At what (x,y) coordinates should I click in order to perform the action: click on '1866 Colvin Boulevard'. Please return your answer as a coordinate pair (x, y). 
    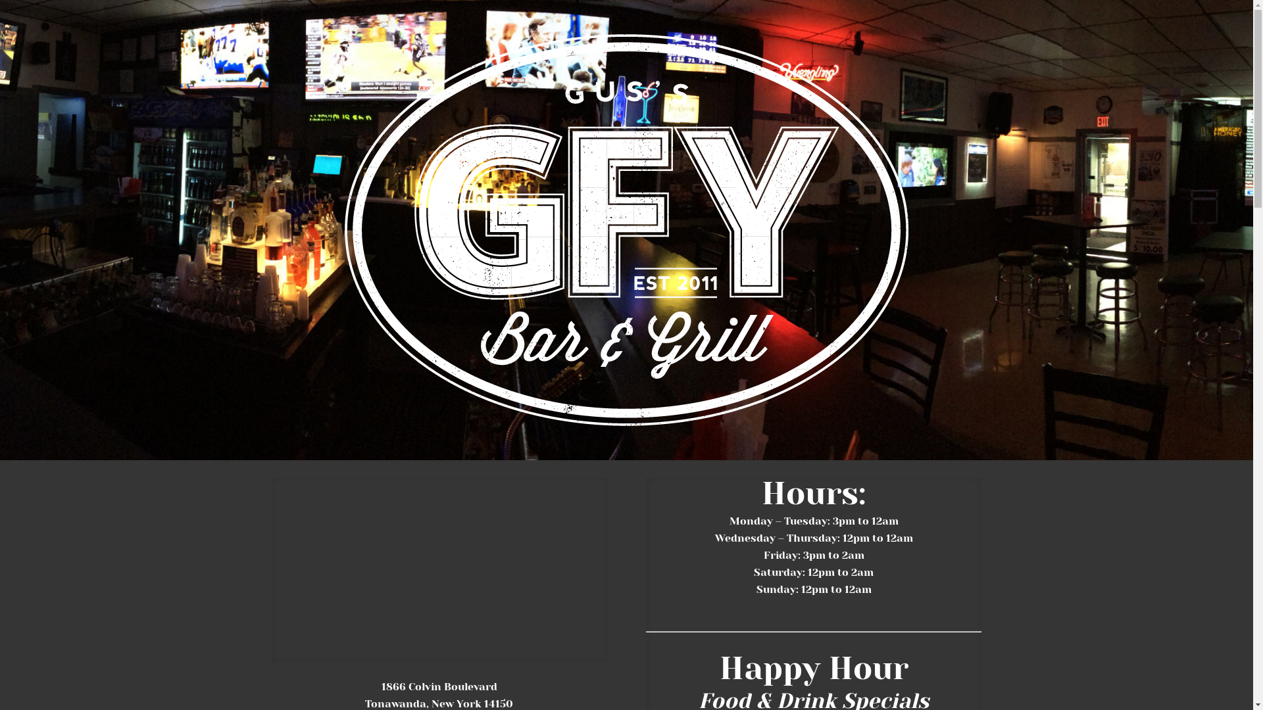
    Looking at the image, I should click on (439, 686).